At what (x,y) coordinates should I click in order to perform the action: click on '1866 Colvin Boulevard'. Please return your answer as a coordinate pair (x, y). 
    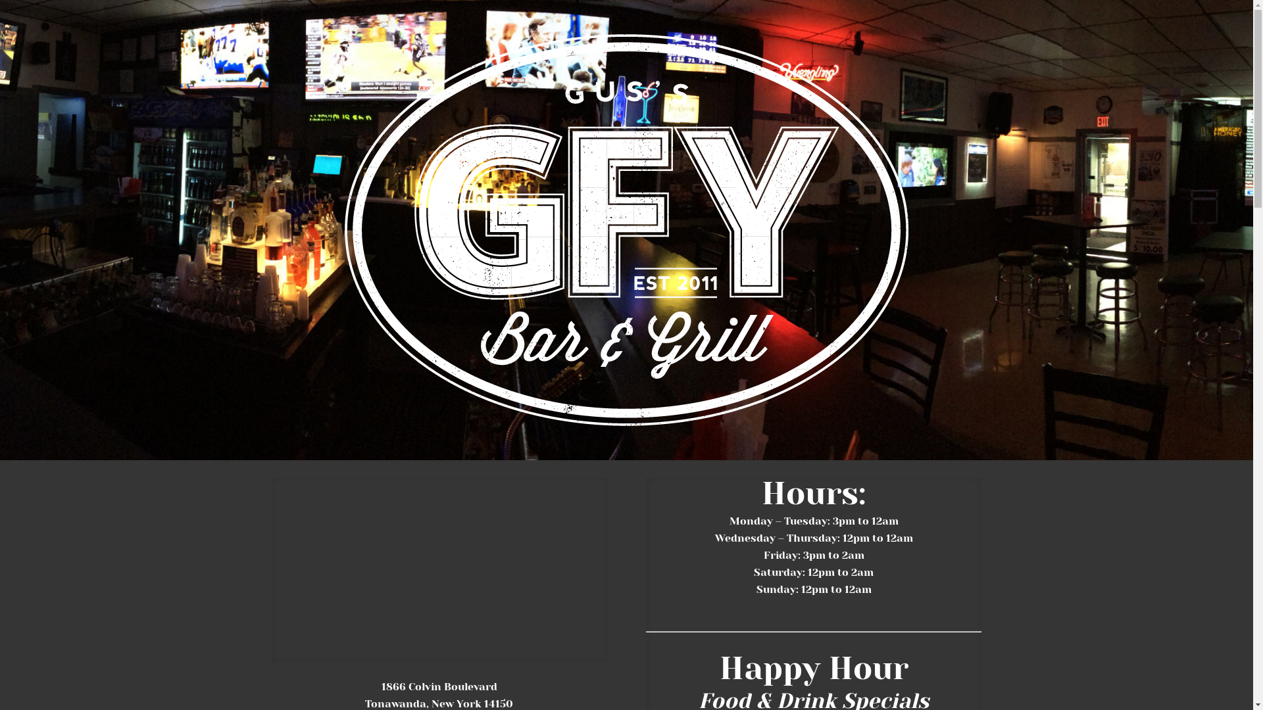
    Looking at the image, I should click on (439, 686).